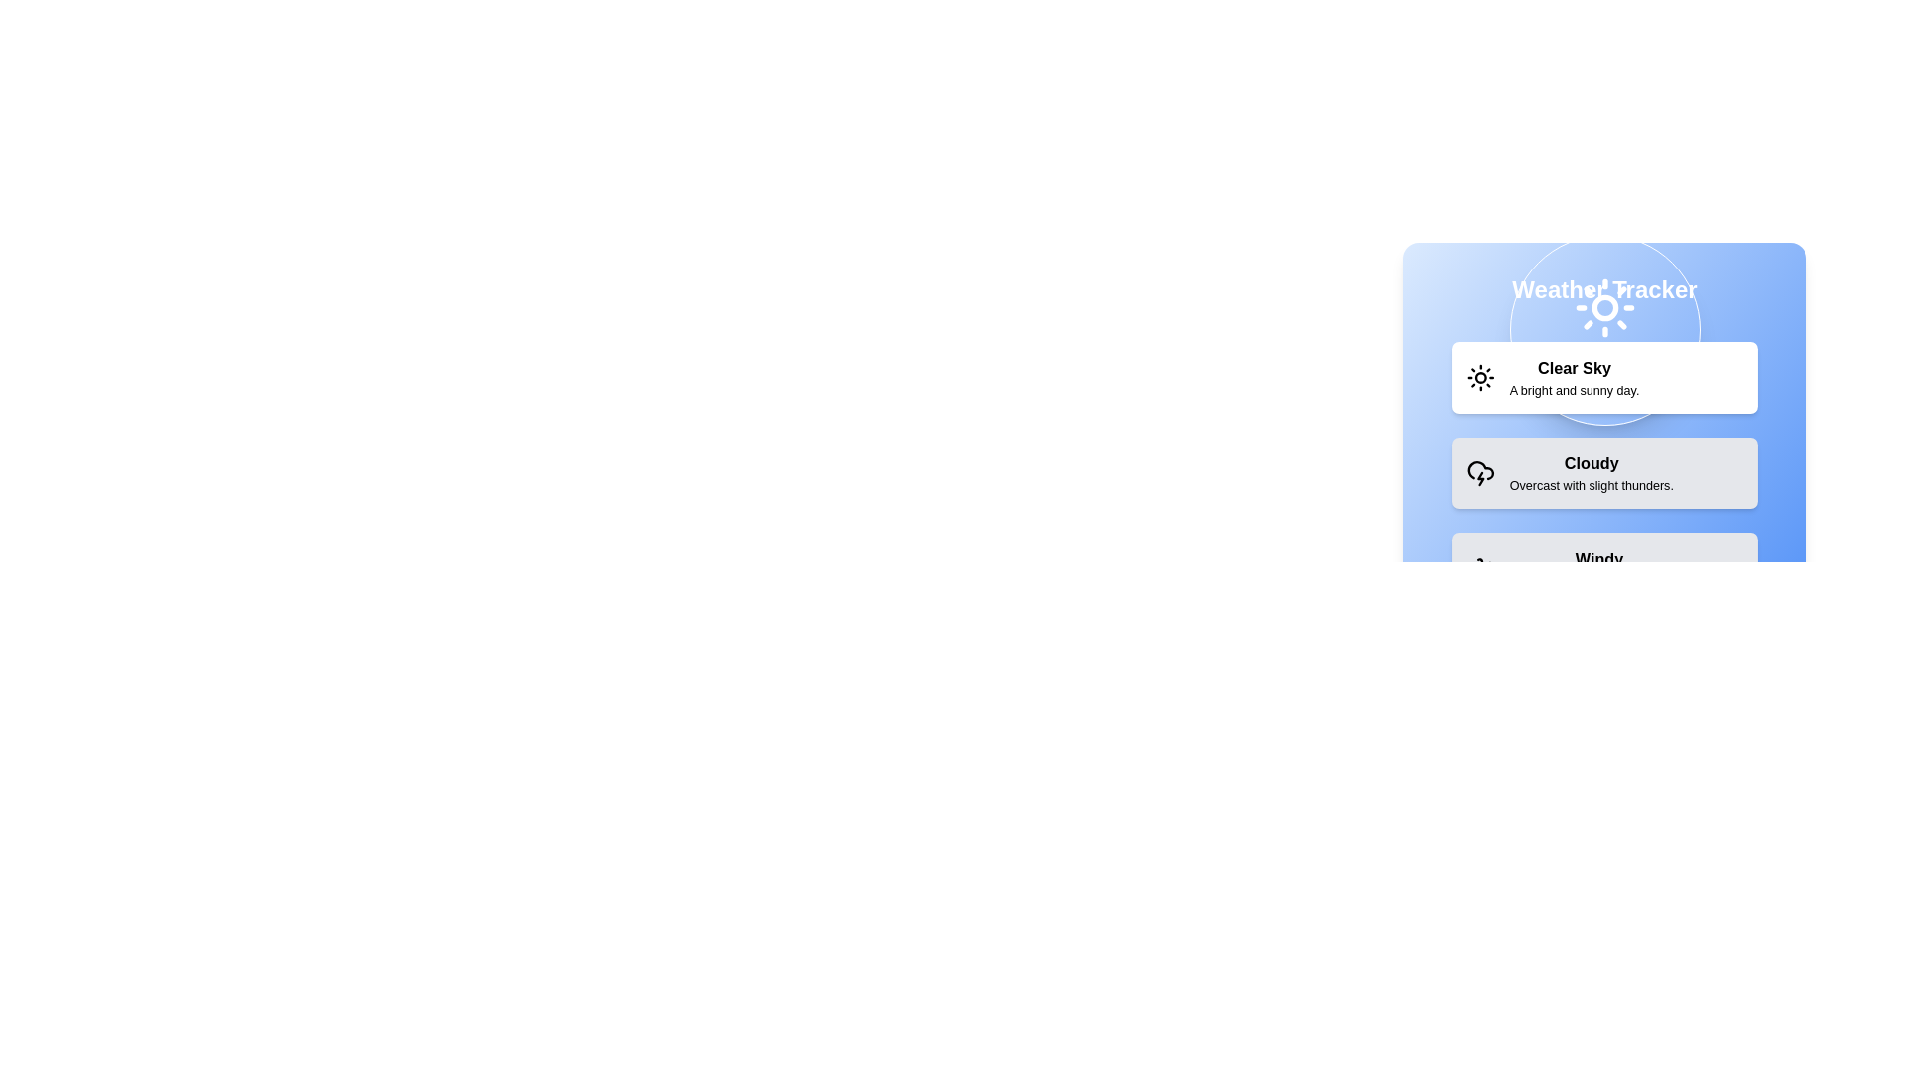 The height and width of the screenshot is (1074, 1911). I want to click on the Text Label indicating the weather condition 'Cloudy', which is positioned above the descriptive text 'Overcast with slight thunders' in the weather-themed interface, so click(1591, 463).